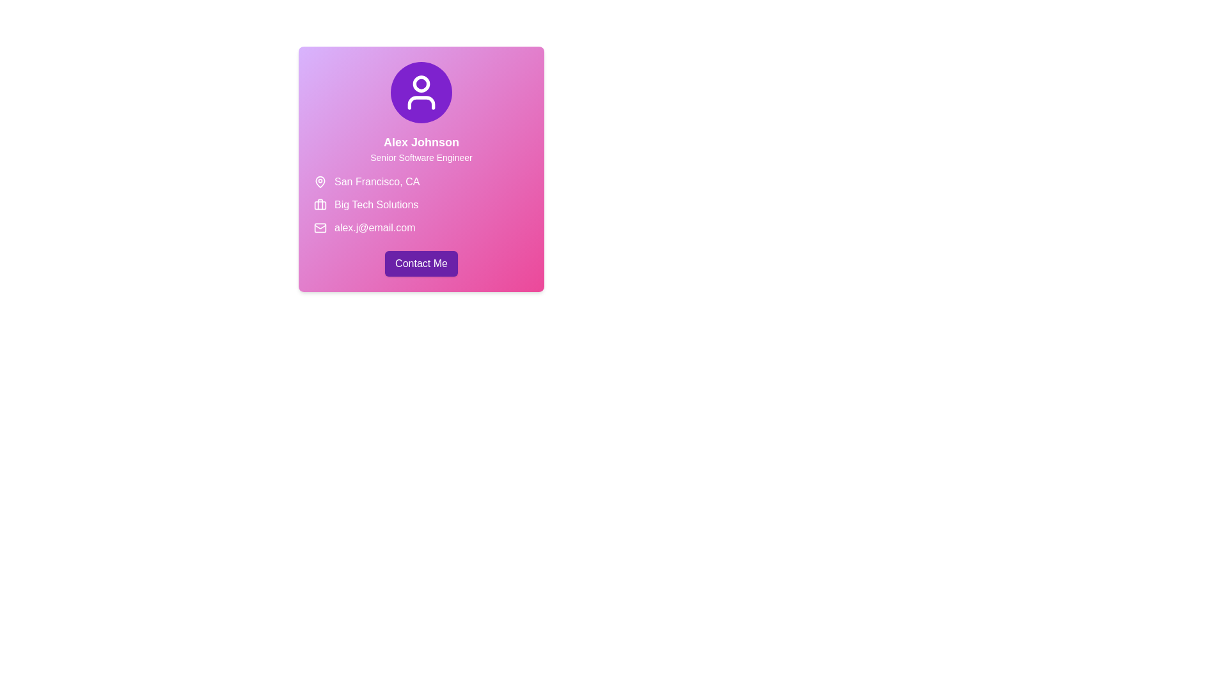 The image size is (1228, 690). What do you see at coordinates (421, 92) in the screenshot?
I see `the user avatar silhouette icon, which is a white vector graphic centered within a circular purple background, located at the top-center of the profile card layout` at bounding box center [421, 92].